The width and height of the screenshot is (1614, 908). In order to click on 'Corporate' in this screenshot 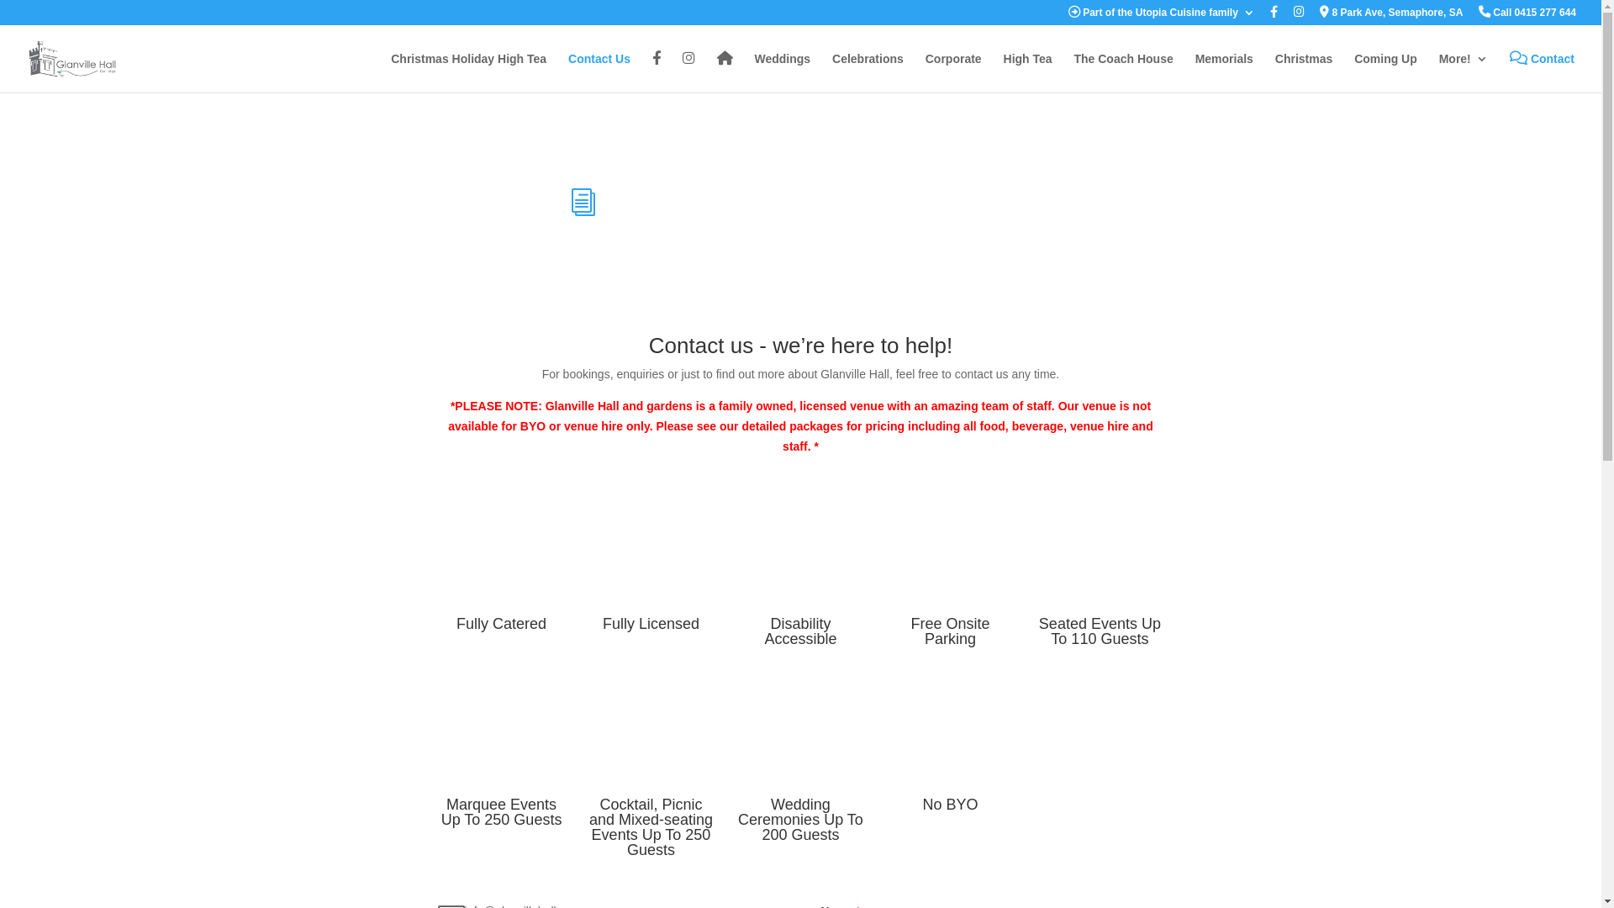, I will do `click(953, 71)`.